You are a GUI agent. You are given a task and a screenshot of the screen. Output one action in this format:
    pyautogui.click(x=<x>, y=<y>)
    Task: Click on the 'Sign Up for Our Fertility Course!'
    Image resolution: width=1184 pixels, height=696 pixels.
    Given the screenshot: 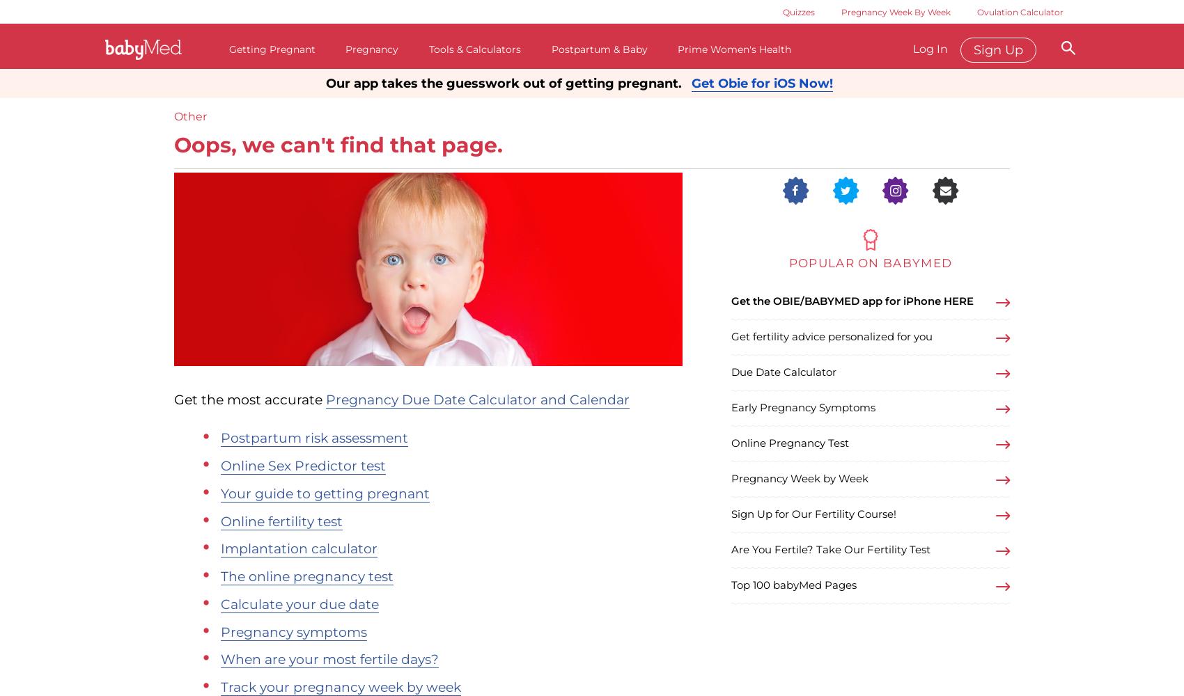 What is the action you would take?
    pyautogui.click(x=813, y=513)
    